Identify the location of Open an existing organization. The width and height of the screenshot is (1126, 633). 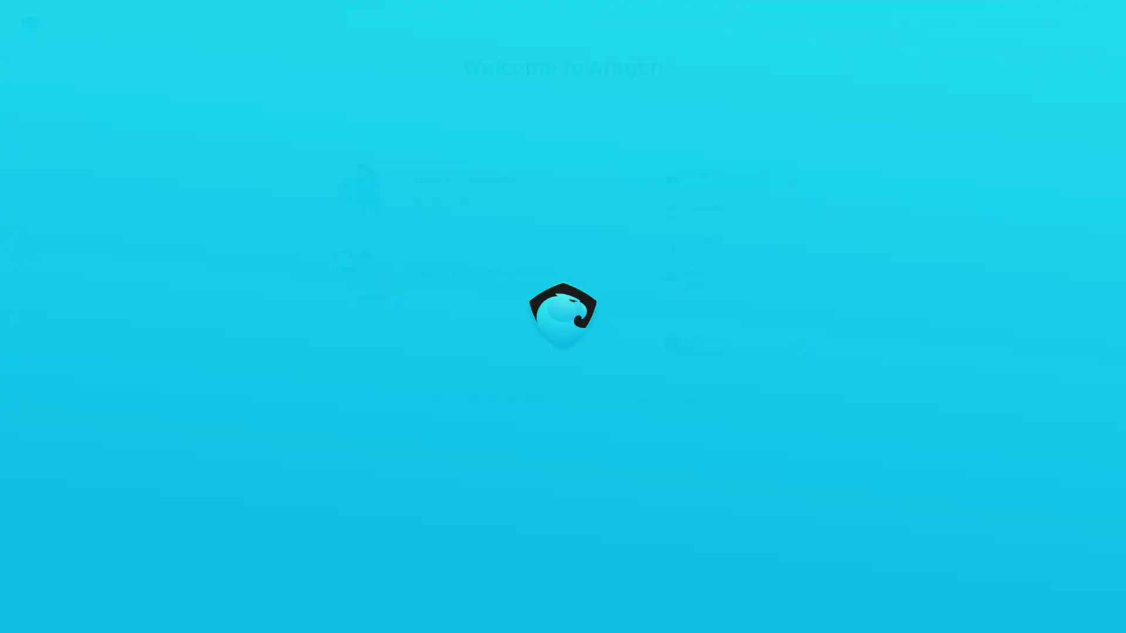
(481, 273).